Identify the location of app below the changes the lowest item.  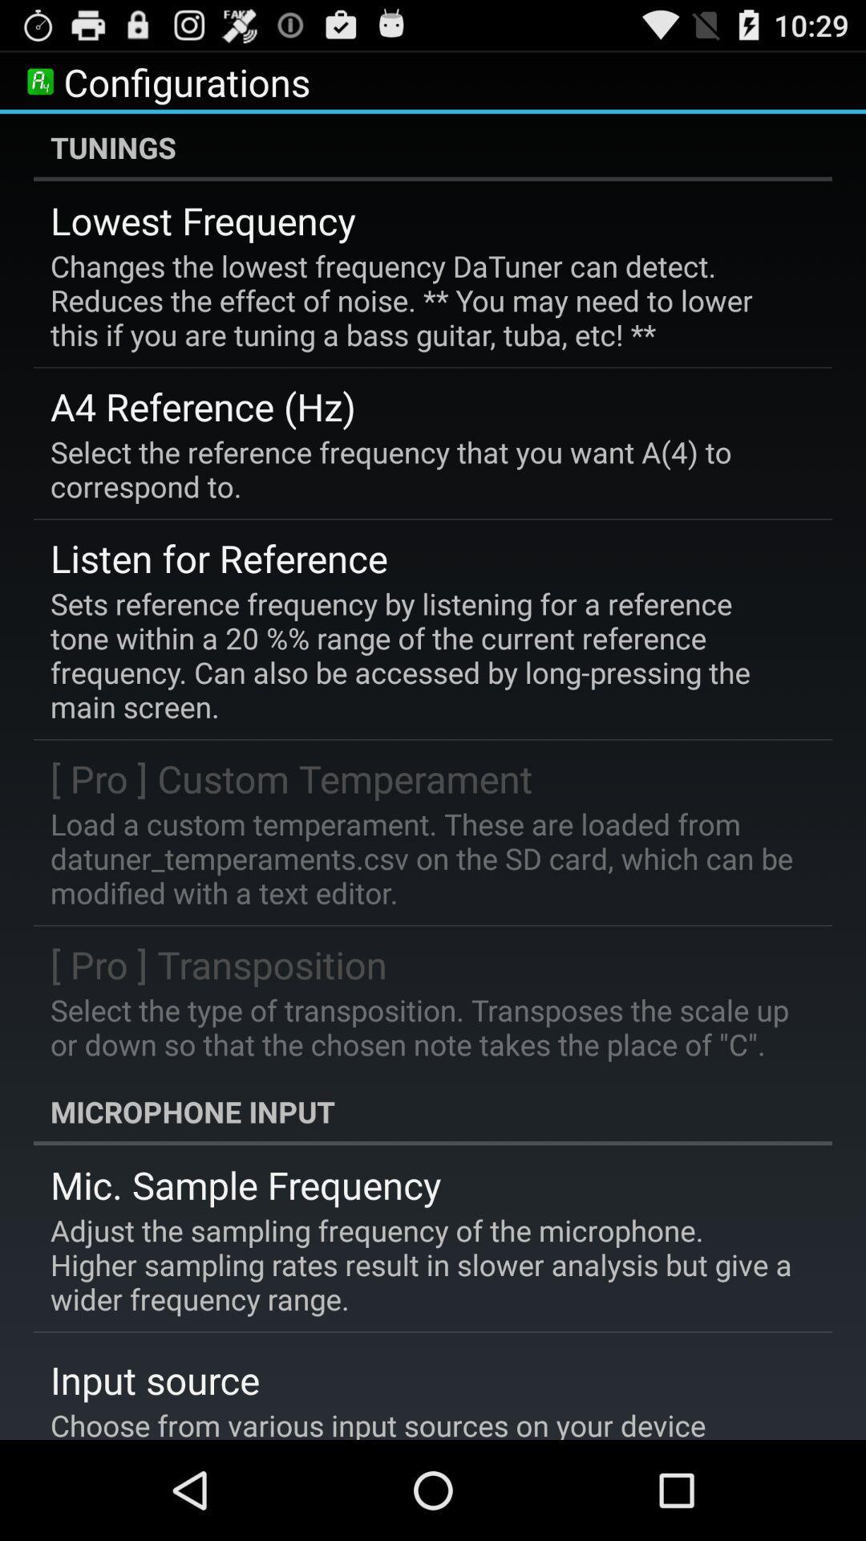
(202, 406).